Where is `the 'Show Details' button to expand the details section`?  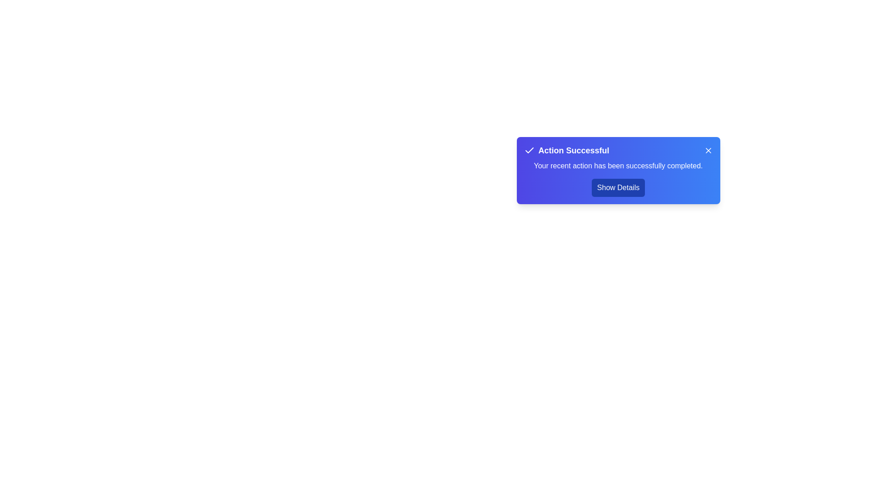 the 'Show Details' button to expand the details section is located at coordinates (618, 187).